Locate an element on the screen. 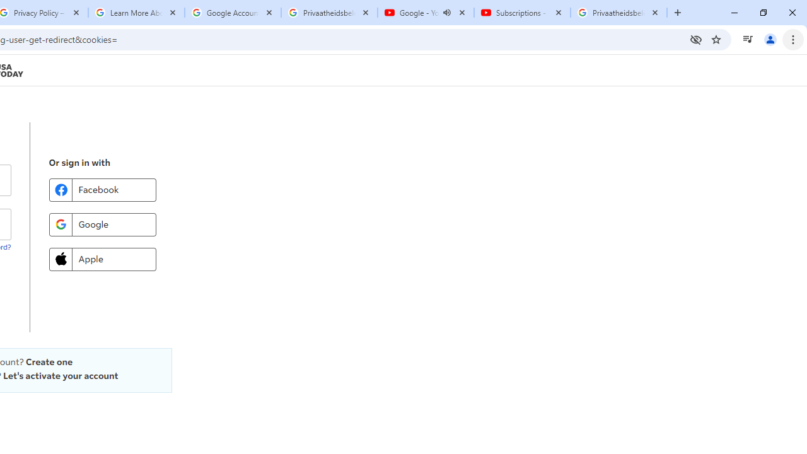 The image size is (807, 454). 'New Tab' is located at coordinates (677, 13).